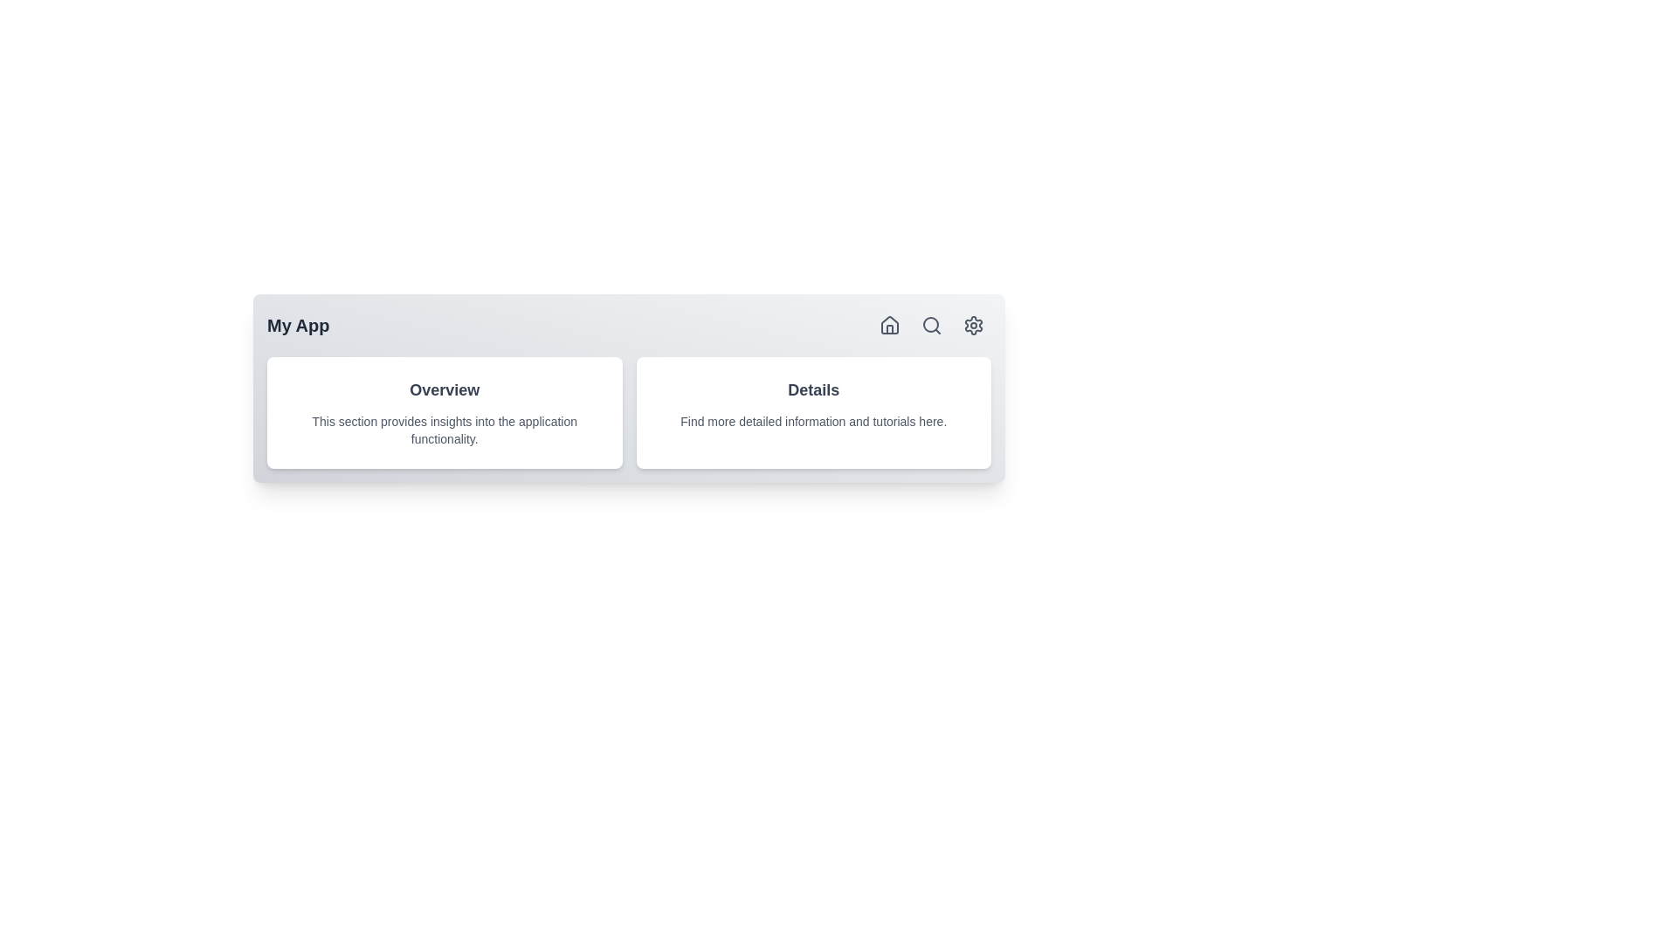  Describe the element at coordinates (929, 324) in the screenshot. I see `the circular icon component that represents the search functionality within the navigation bar located at the top right of the application interface` at that location.